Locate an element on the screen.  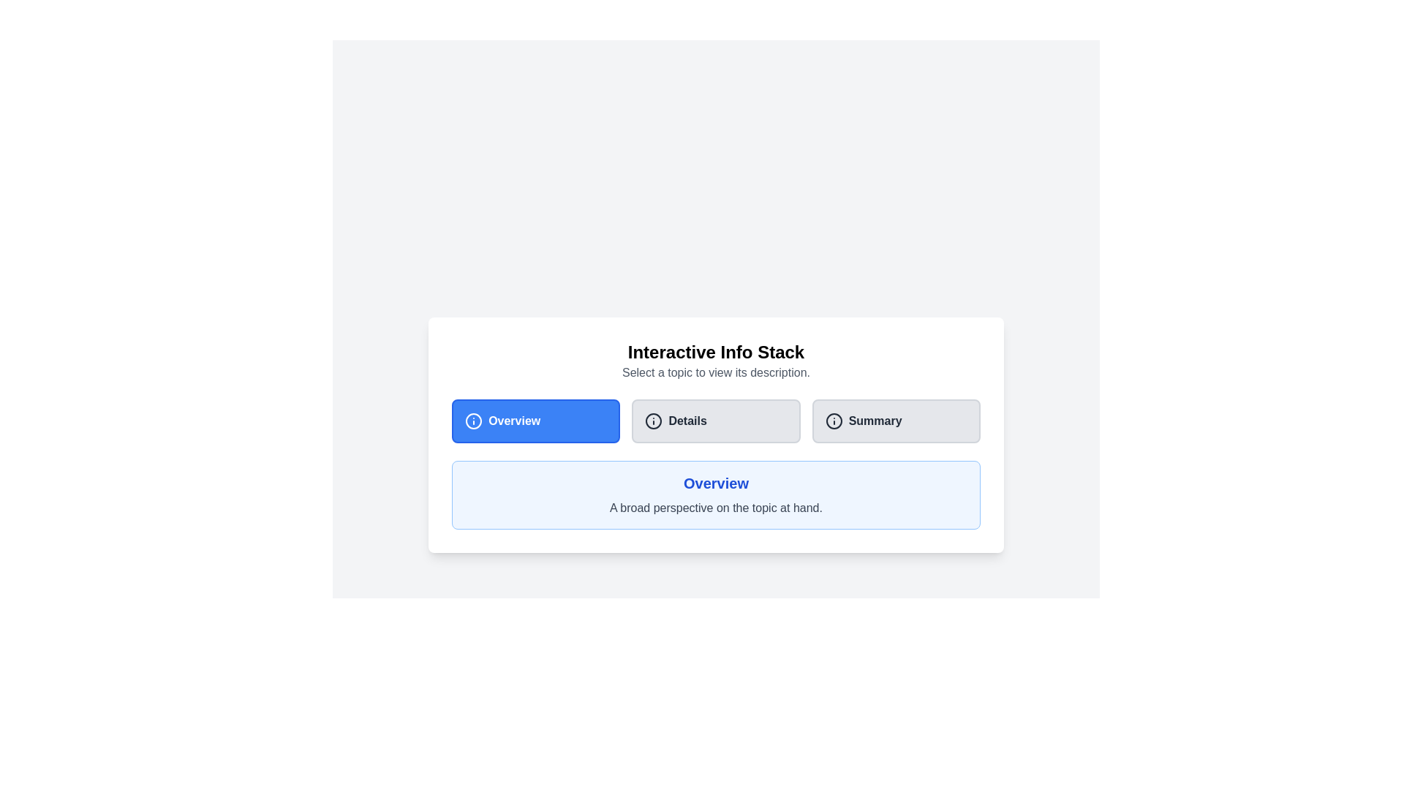
the Informational panel with a light blue background and rounded corners, which contains the header 'Overview' in bold blue text is located at coordinates (716, 494).